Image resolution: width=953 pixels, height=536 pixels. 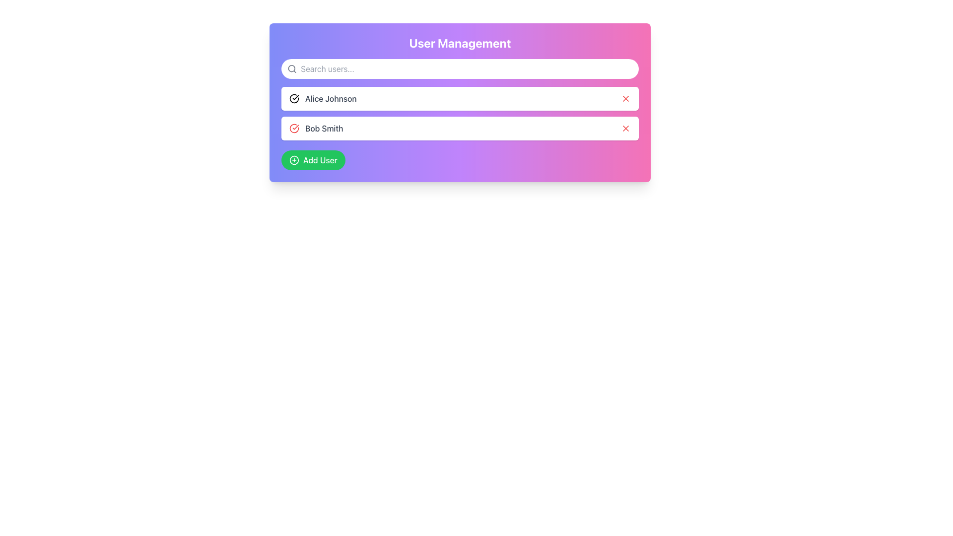 I want to click on the text label displaying the name 'Alice Johnson', so click(x=331, y=99).